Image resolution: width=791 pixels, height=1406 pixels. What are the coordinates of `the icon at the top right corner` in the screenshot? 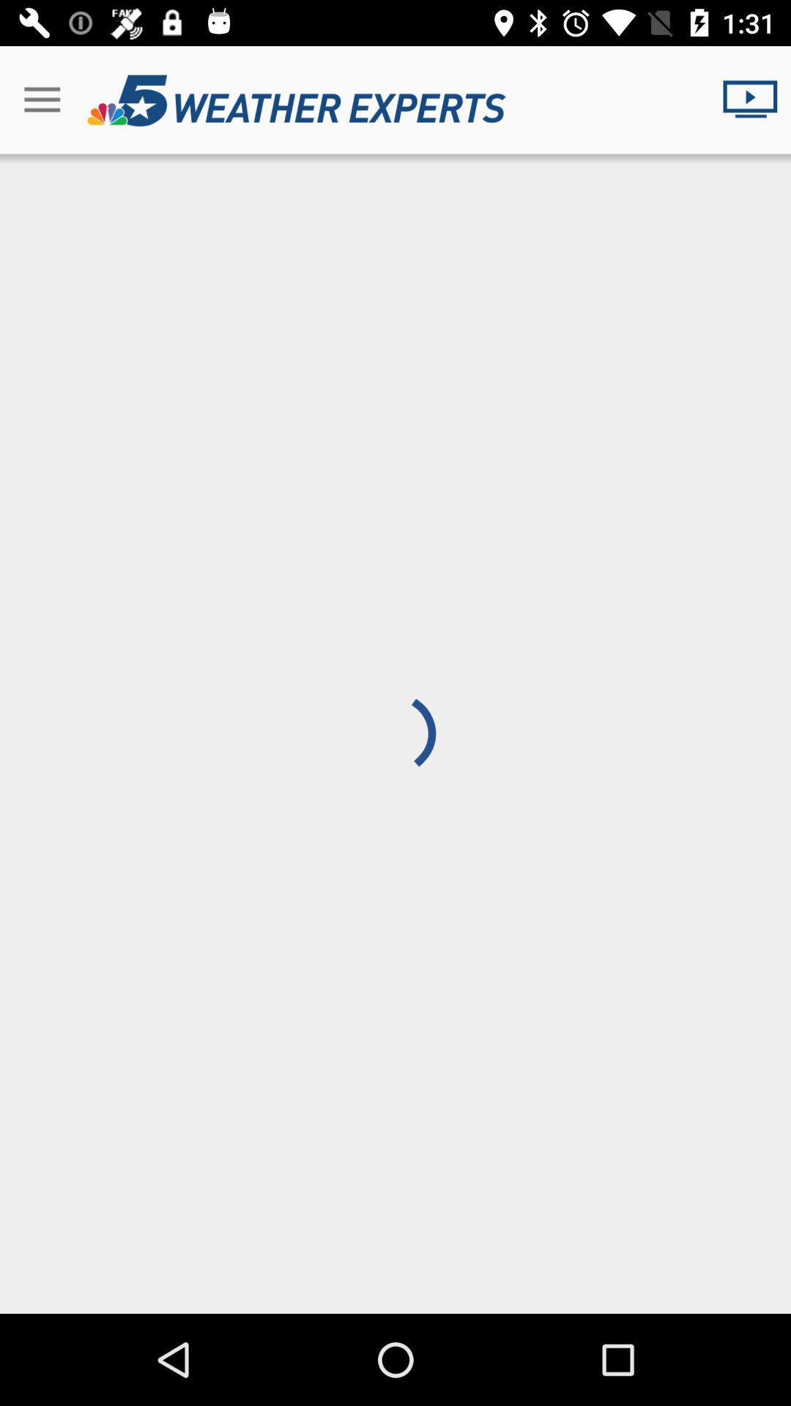 It's located at (756, 99).